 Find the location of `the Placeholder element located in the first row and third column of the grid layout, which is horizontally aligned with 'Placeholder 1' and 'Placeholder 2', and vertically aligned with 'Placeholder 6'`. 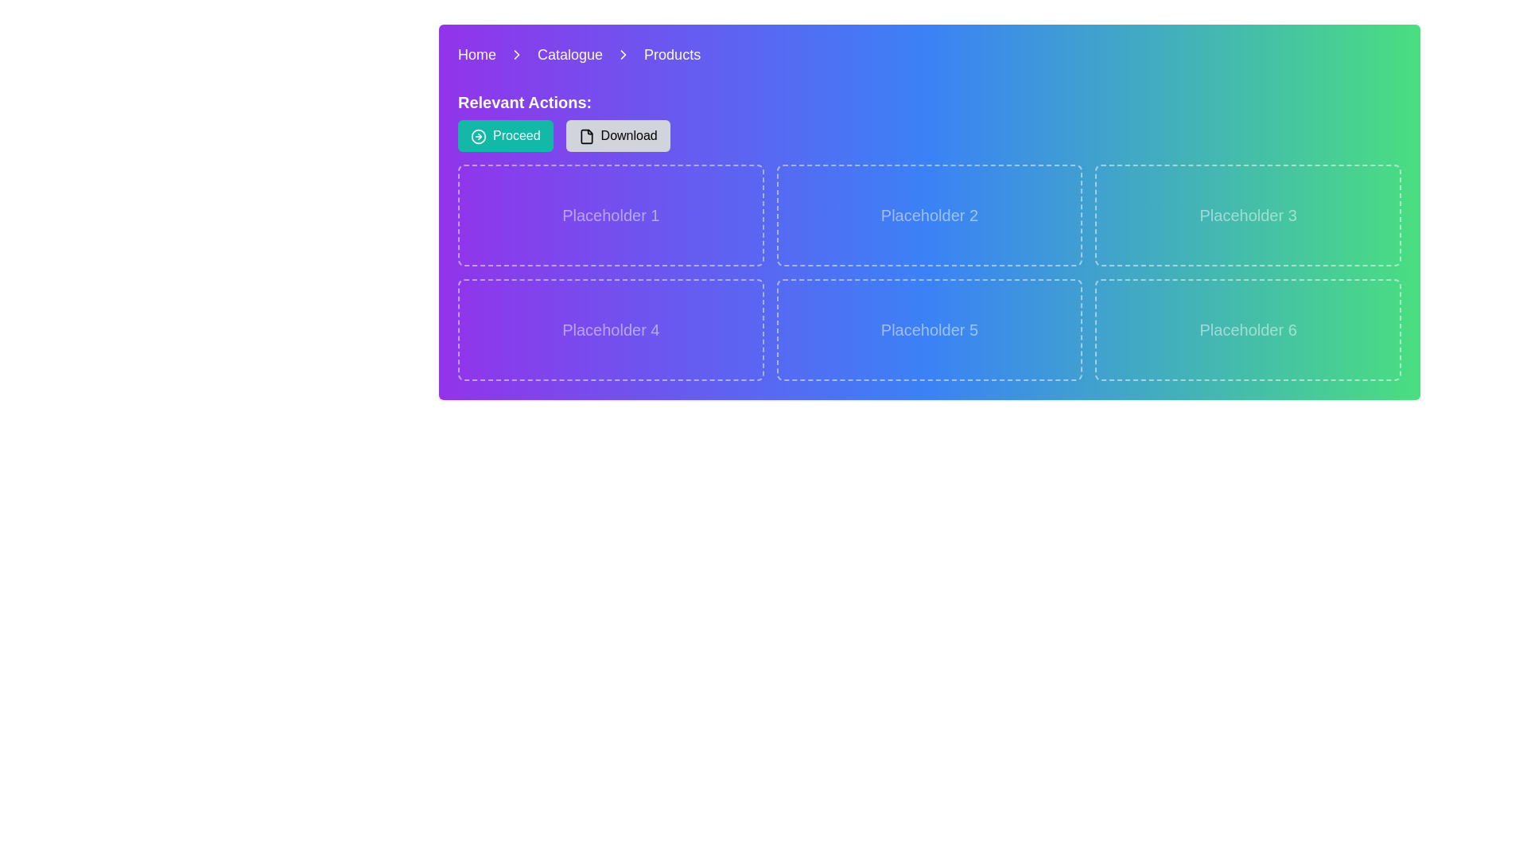

the Placeholder element located in the first row and third column of the grid layout, which is horizontally aligned with 'Placeholder 1' and 'Placeholder 2', and vertically aligned with 'Placeholder 6' is located at coordinates (1247, 215).